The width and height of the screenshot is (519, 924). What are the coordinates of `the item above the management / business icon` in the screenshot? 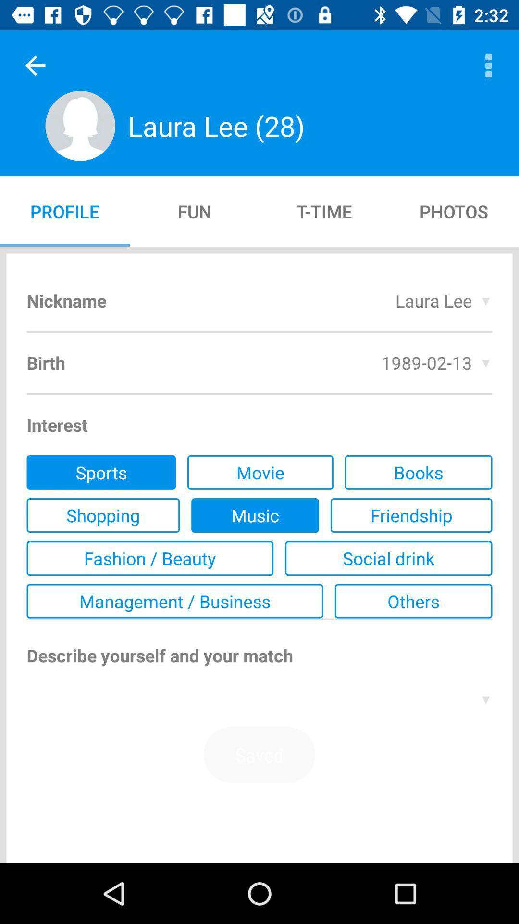 It's located at (388, 558).